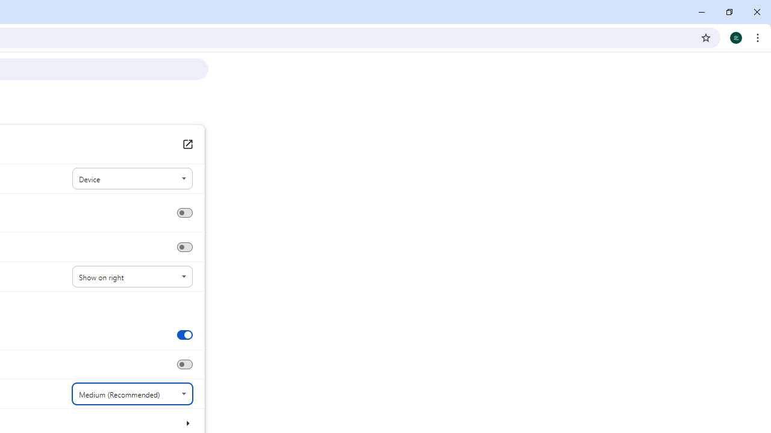 This screenshot has height=433, width=771. I want to click on 'Font size', so click(132, 394).